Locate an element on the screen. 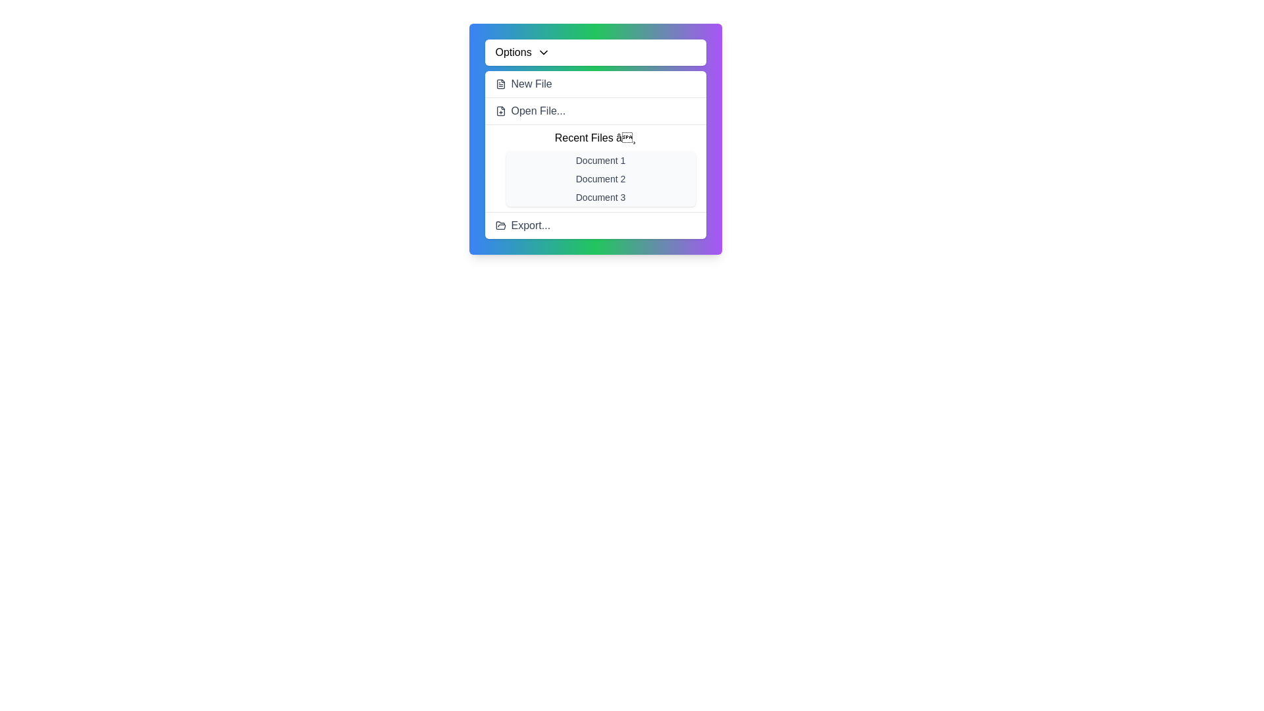  the 'New File' icon located at the top of the dropdown menu under the 'Options' button to enhance its identification is located at coordinates (500, 84).